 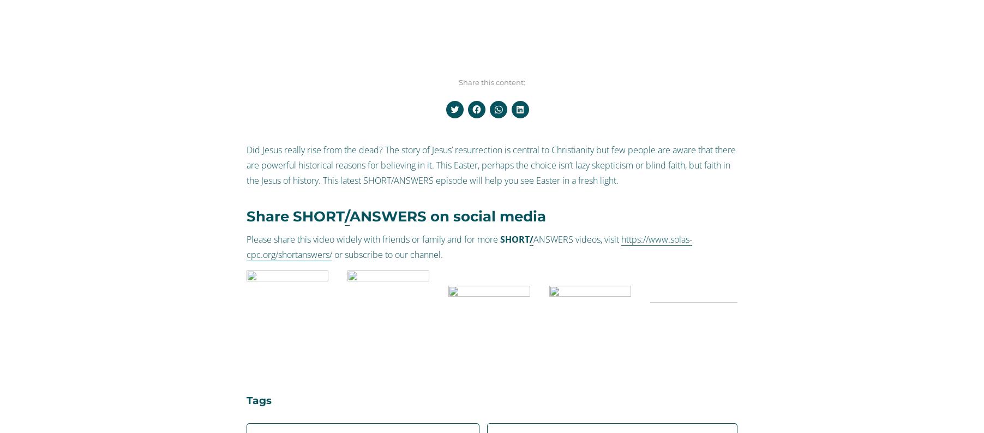 What do you see at coordinates (246, 165) in the screenshot?
I see `'Did Jesus really rise from the dead? The story of Jesus’ resurrection is central to Christianity but few people are aware that there are powerful historical reasons for believing in it. This Easter, perhaps the choice isn’t lazy skepticism or blind faith, but faith in the Jesus of history. This latest SHORT/ANSWERS episode will help you see Easter in a fresh light.'` at bounding box center [246, 165].